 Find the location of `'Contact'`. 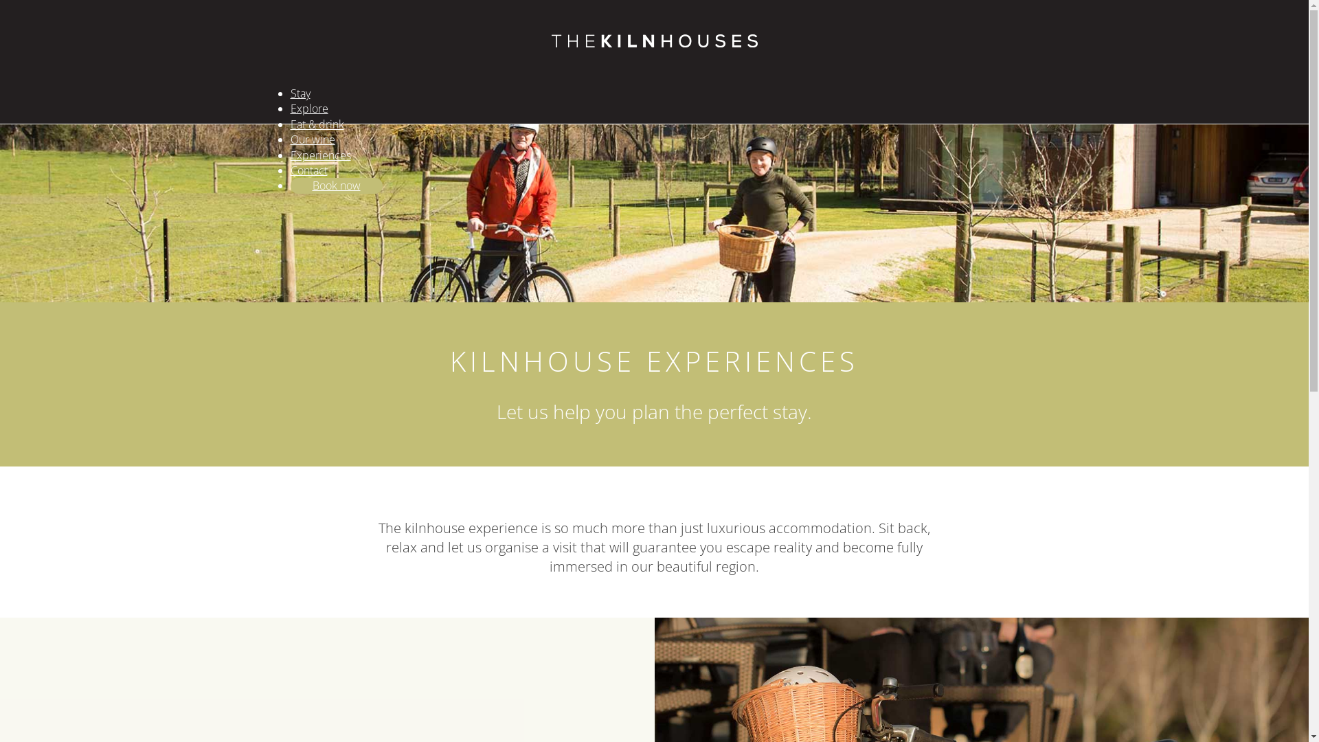

'Contact' is located at coordinates (308, 169).